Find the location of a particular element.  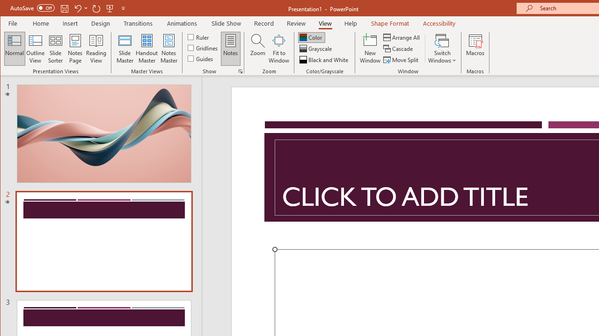

'Zoom...' is located at coordinates (258, 49).